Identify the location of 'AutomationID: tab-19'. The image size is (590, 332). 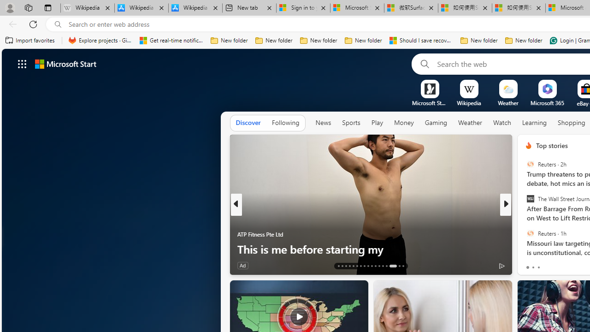
(360, 266).